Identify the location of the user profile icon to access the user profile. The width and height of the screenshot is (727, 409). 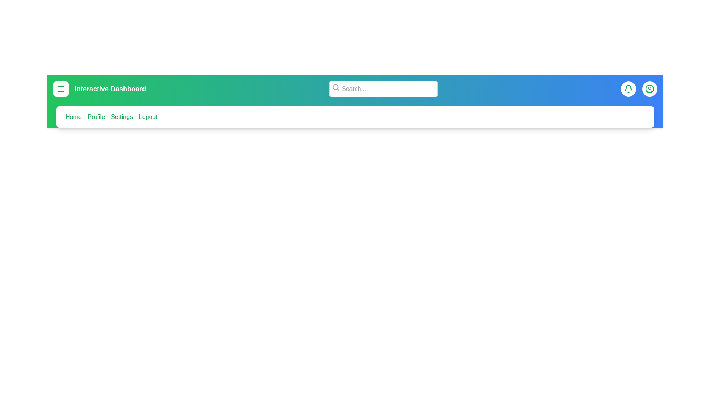
(649, 89).